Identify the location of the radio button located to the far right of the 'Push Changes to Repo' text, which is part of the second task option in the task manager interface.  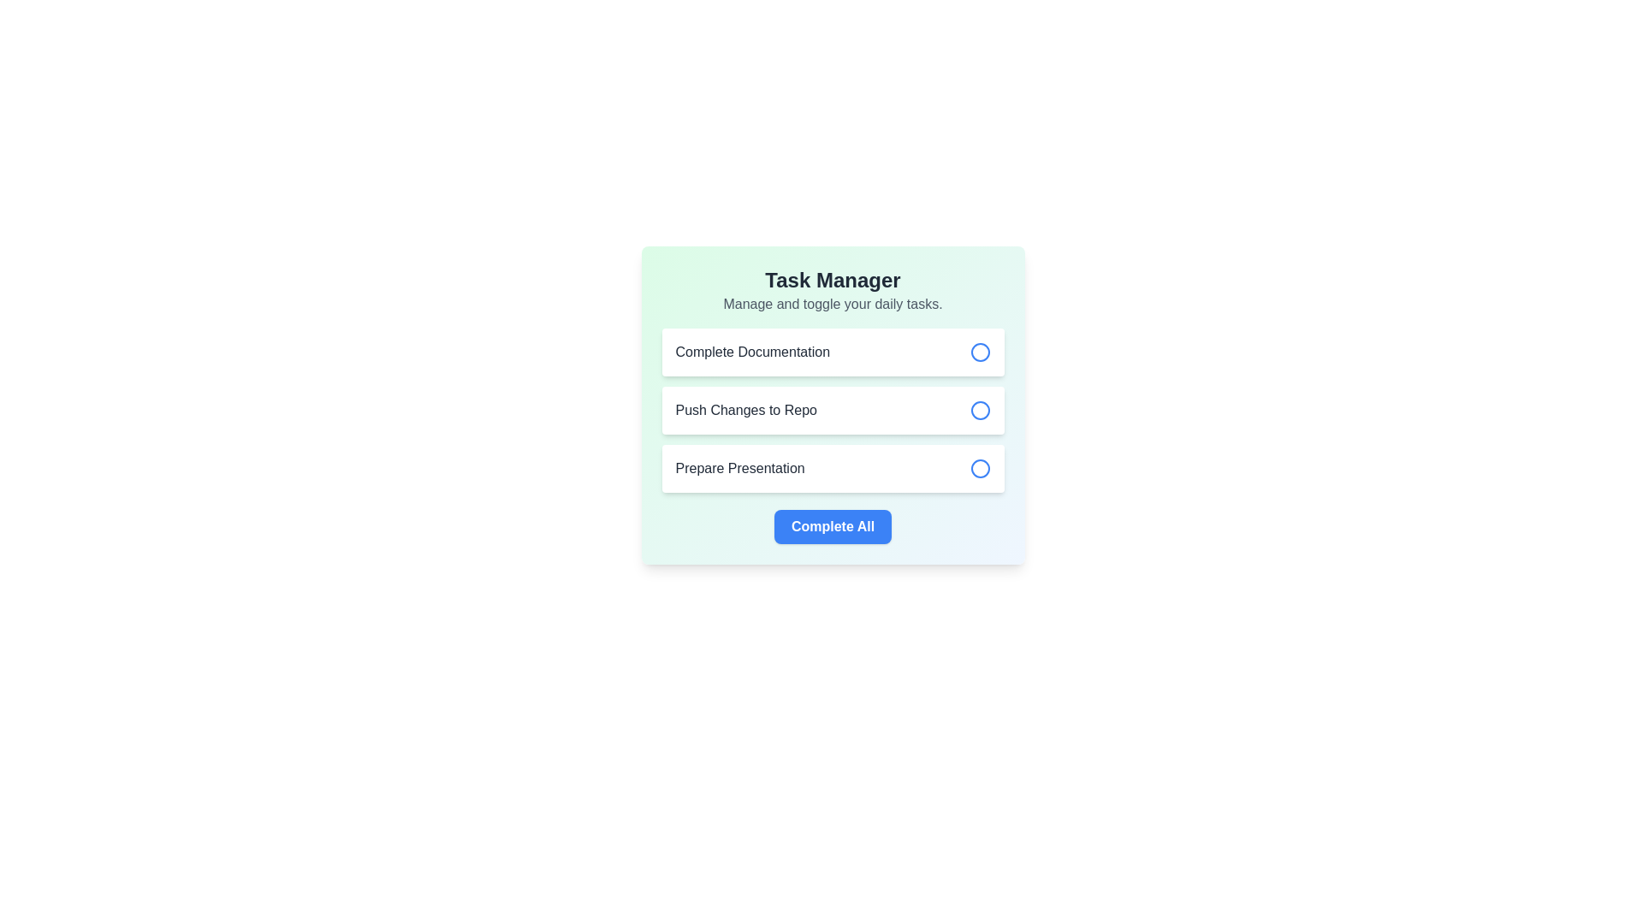
(980, 410).